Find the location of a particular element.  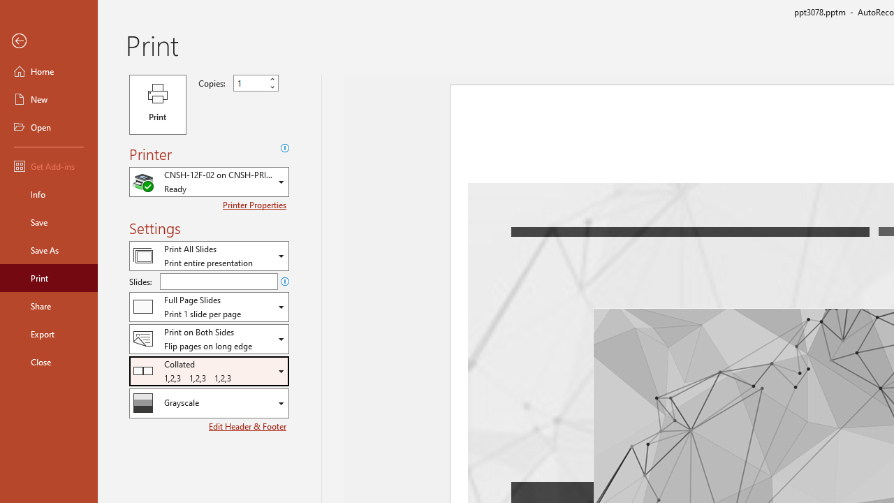

'Copies' is located at coordinates (250, 83).